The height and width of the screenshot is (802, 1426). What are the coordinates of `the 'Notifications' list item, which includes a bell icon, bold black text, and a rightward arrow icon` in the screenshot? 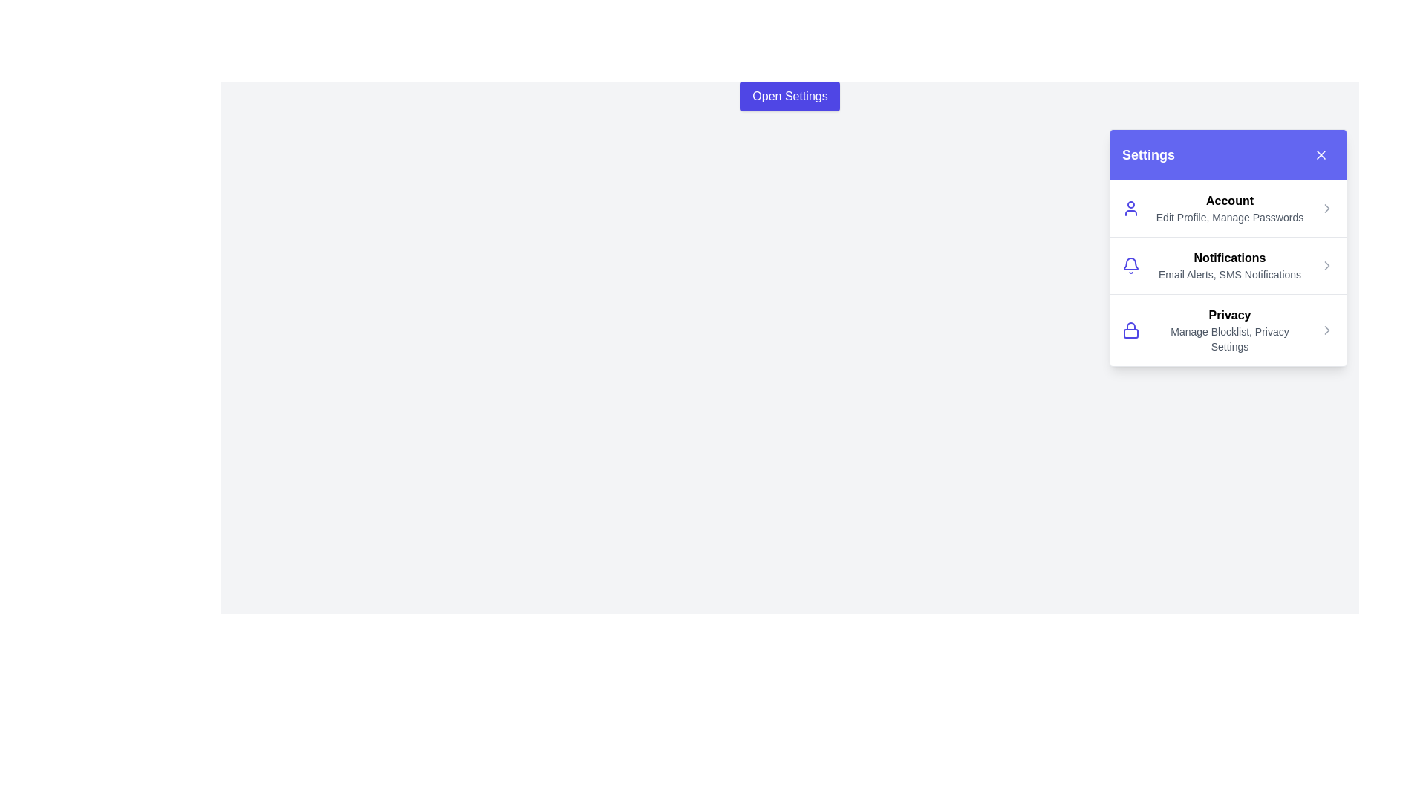 It's located at (1228, 264).